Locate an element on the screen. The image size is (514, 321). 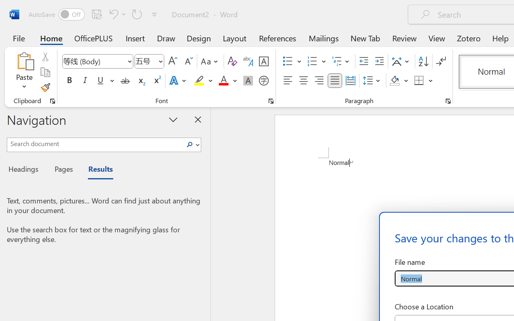
'Repeat Doc Close' is located at coordinates (137, 14).